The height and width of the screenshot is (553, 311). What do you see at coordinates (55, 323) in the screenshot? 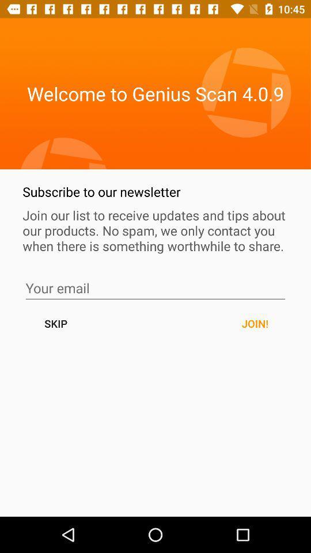
I see `the skip icon` at bounding box center [55, 323].